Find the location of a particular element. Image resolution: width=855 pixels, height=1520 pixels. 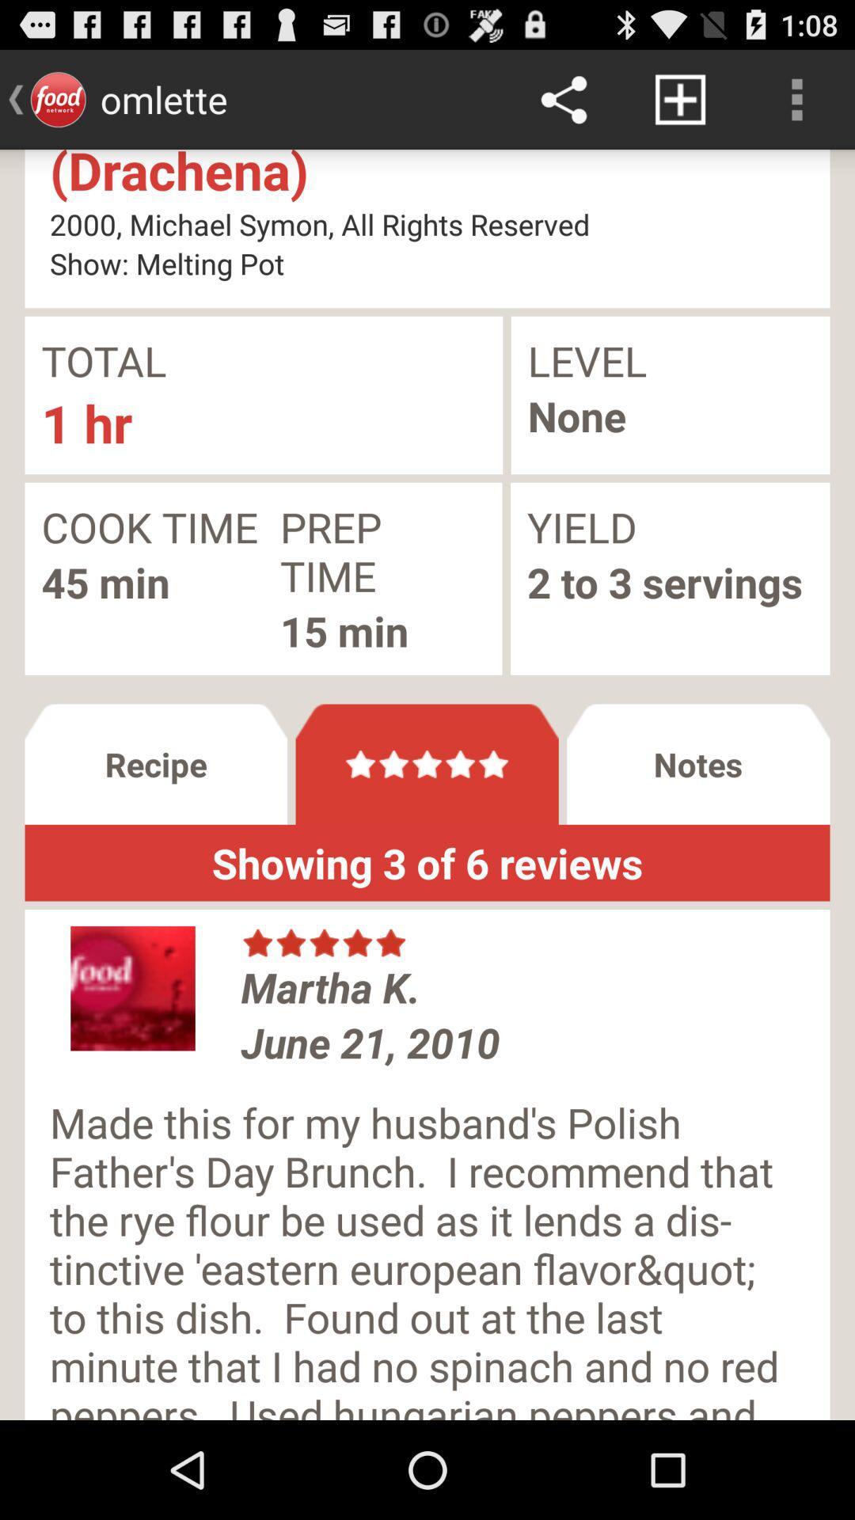

the app above the baked polish omlette is located at coordinates (679, 98).